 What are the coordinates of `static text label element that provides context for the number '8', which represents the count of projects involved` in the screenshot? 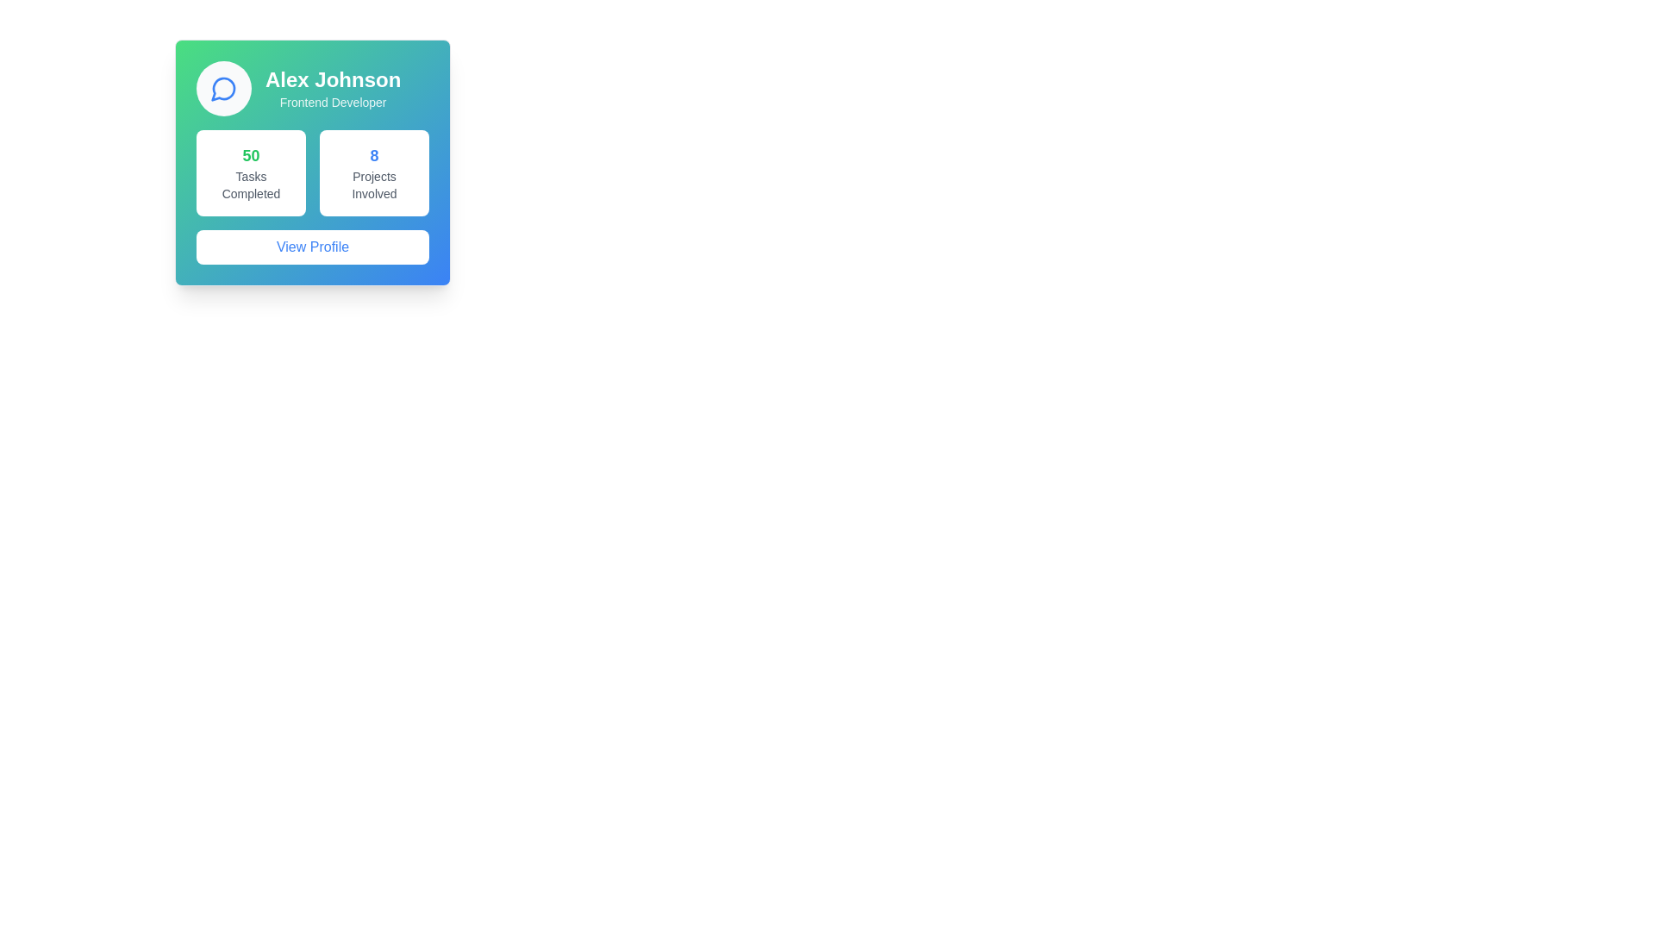 It's located at (373, 185).